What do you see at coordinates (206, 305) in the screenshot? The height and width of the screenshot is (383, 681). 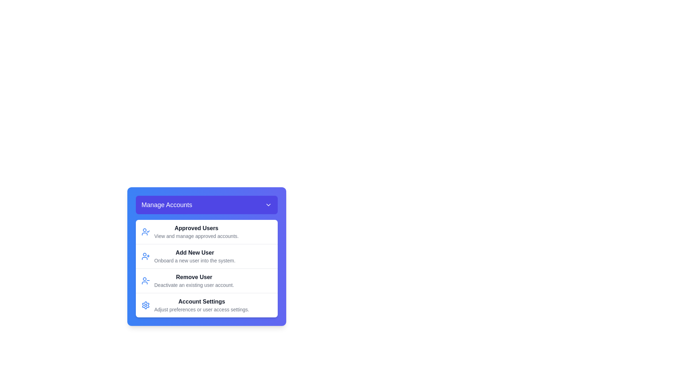 I see `the fourth menu item in the vertical list, which serves as an access point to adjust preferences or modify user access settings` at bounding box center [206, 305].